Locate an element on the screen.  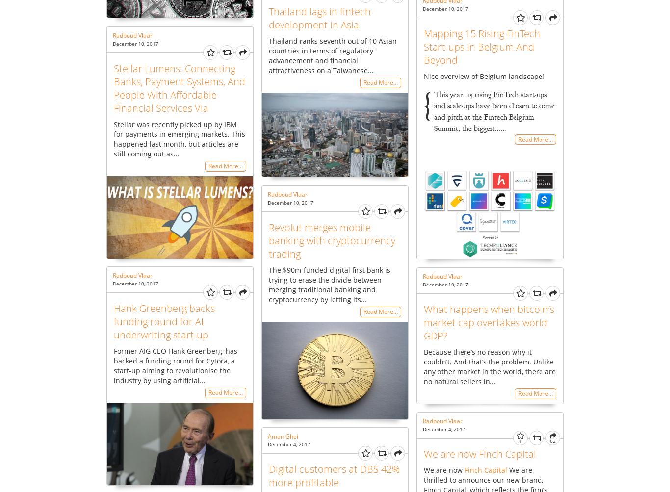
'Former AIG CEO Hank Greenberg, has backed a funding round for Cytora, a start-up aiming to revolutionise the industry by using artificial...' is located at coordinates (175, 364).